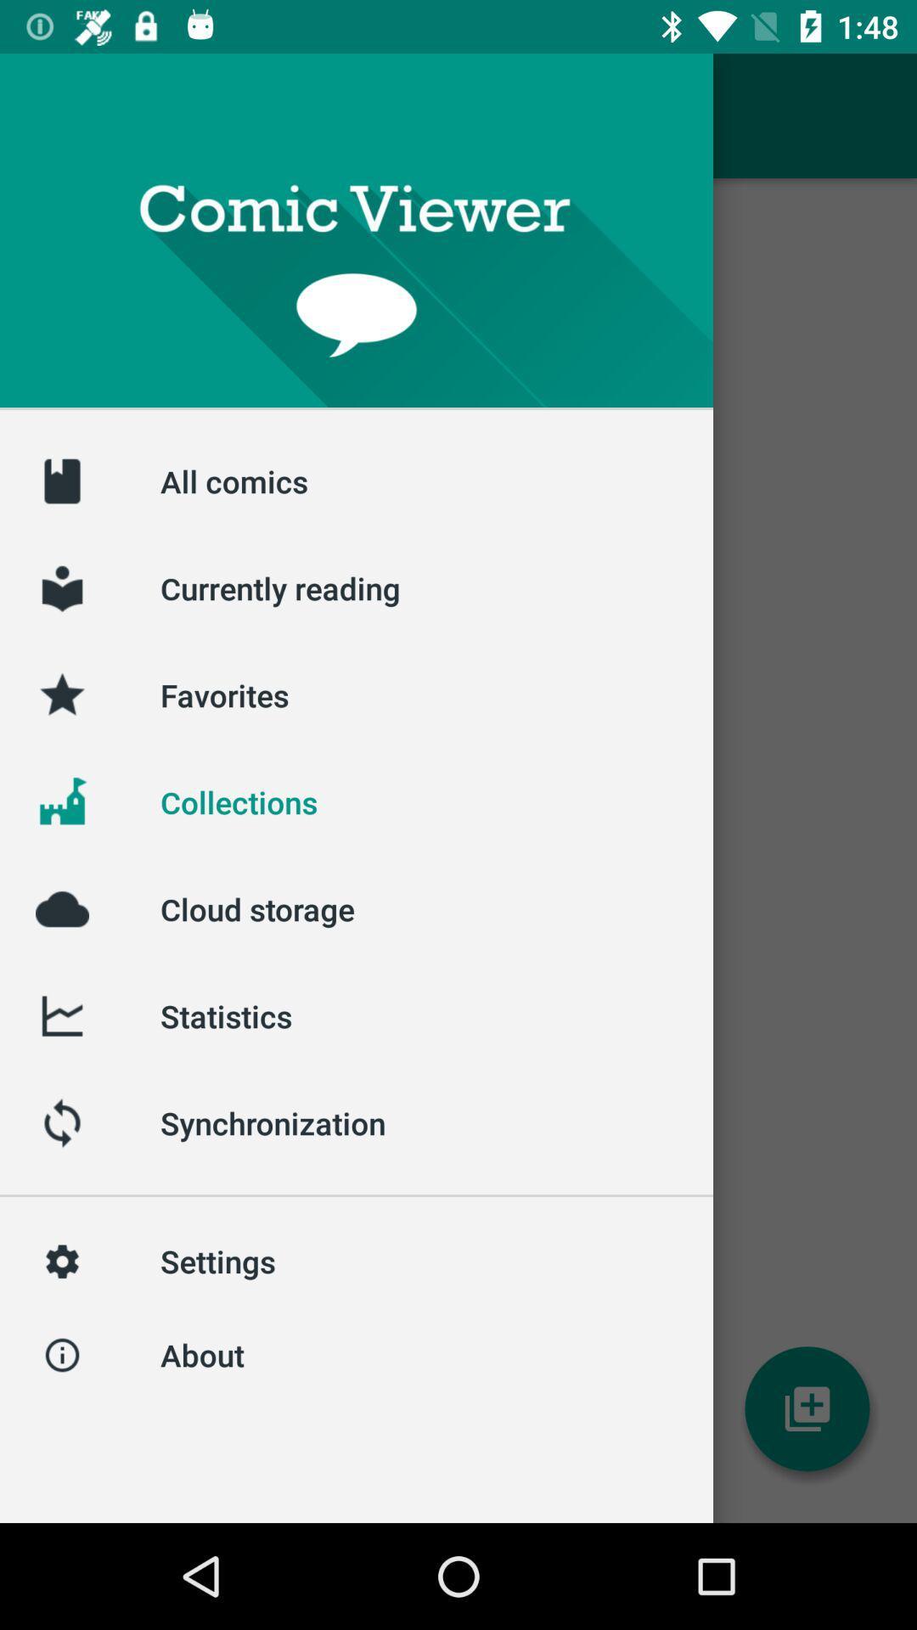 The image size is (917, 1630). What do you see at coordinates (61, 1123) in the screenshot?
I see `the recycle icon to the left of synchronization text` at bounding box center [61, 1123].